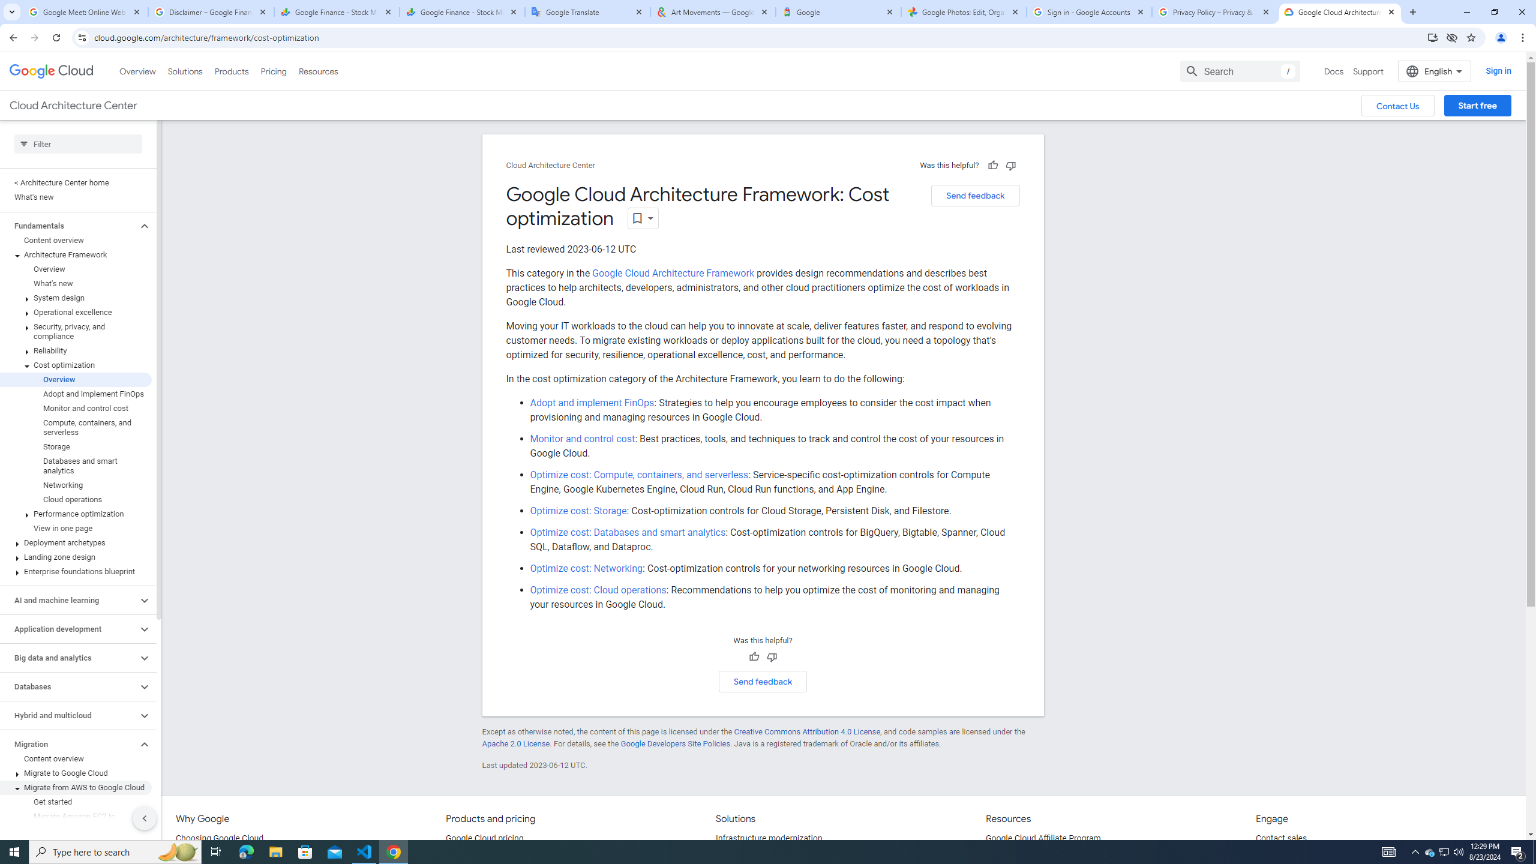  I want to click on 'Adopt and implement FinOps', so click(592, 402).